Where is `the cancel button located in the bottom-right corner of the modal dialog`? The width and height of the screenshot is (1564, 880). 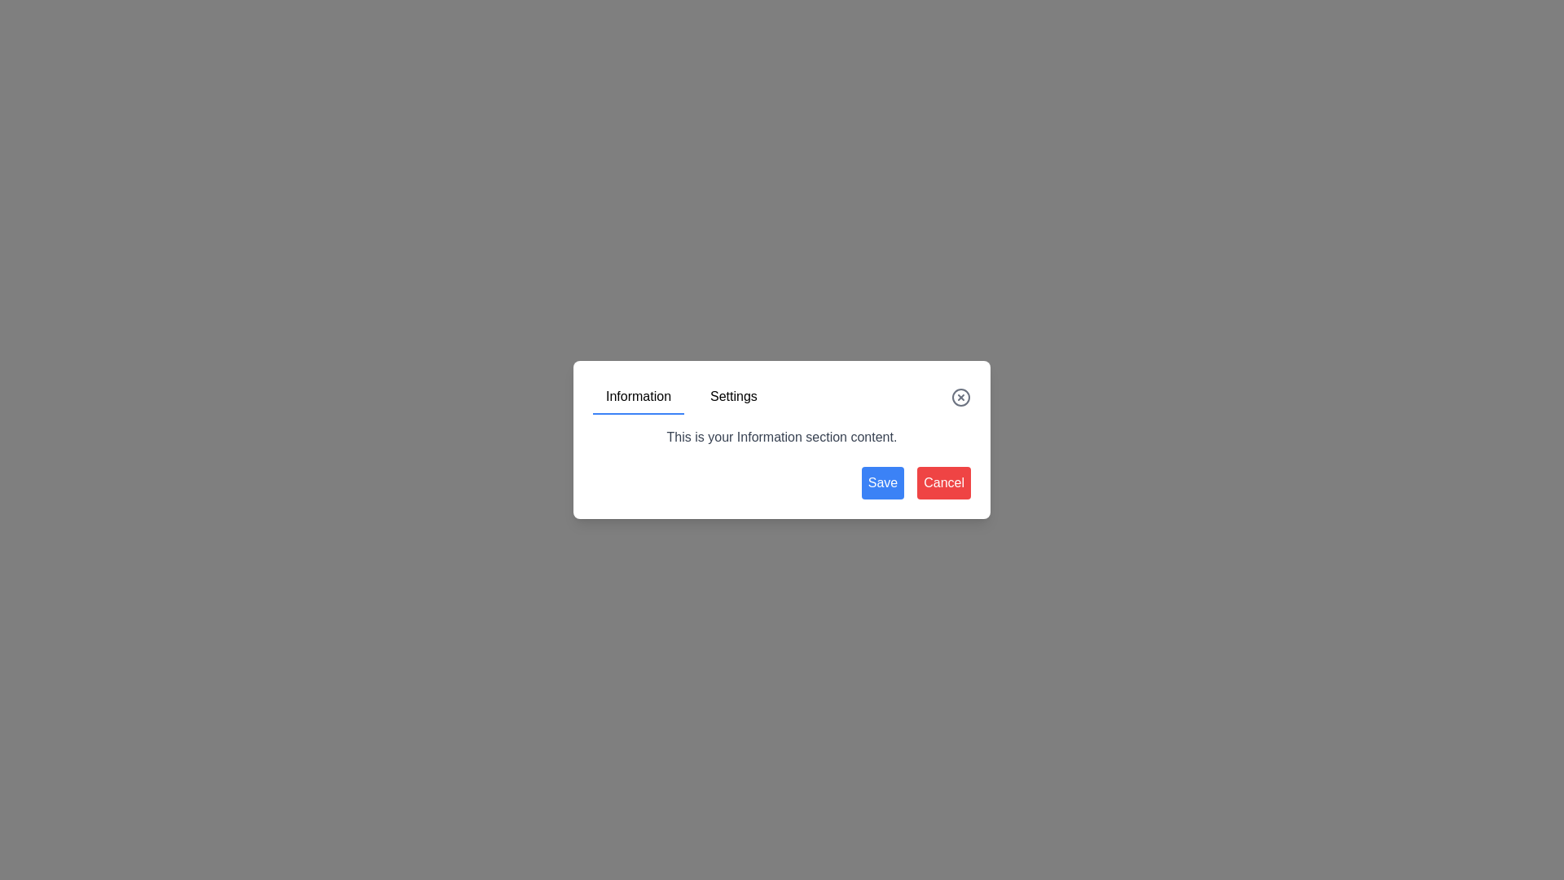 the cancel button located in the bottom-right corner of the modal dialog is located at coordinates (944, 482).